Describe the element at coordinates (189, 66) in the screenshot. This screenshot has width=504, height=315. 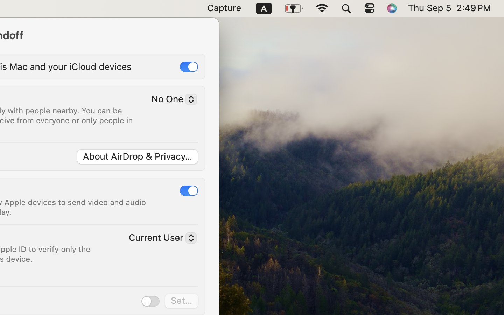
I see `'1'` at that location.